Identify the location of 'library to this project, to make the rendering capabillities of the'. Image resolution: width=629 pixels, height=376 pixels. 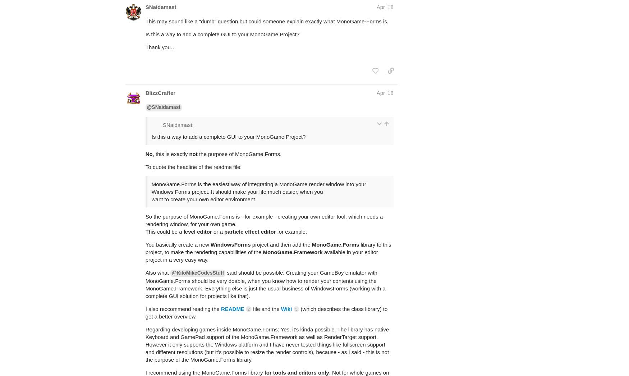
(268, 220).